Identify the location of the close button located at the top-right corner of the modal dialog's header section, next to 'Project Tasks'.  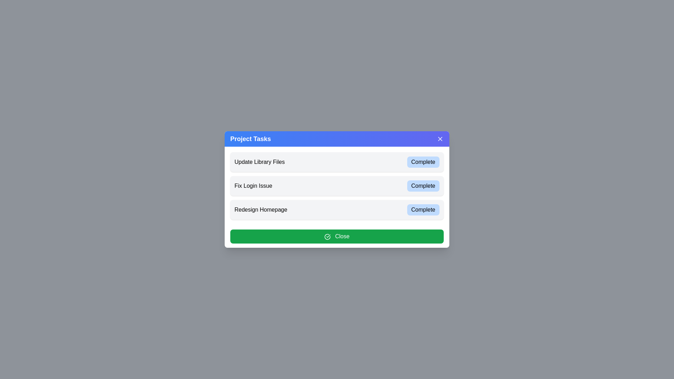
(440, 139).